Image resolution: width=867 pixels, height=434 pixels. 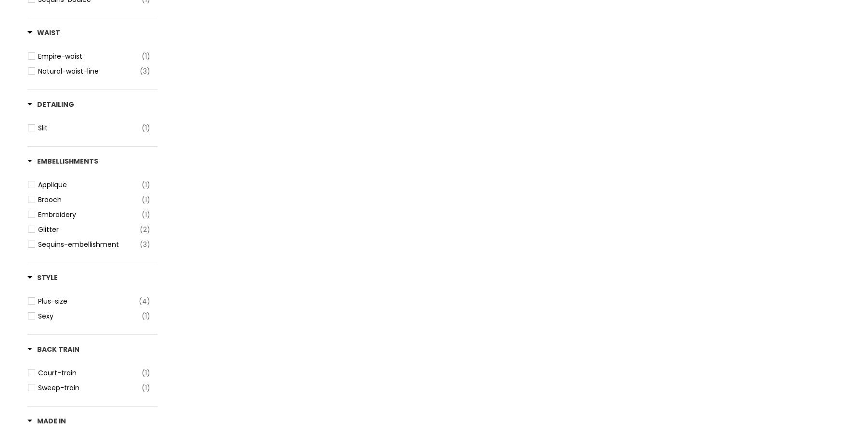 I want to click on 'Court-train', so click(x=57, y=372).